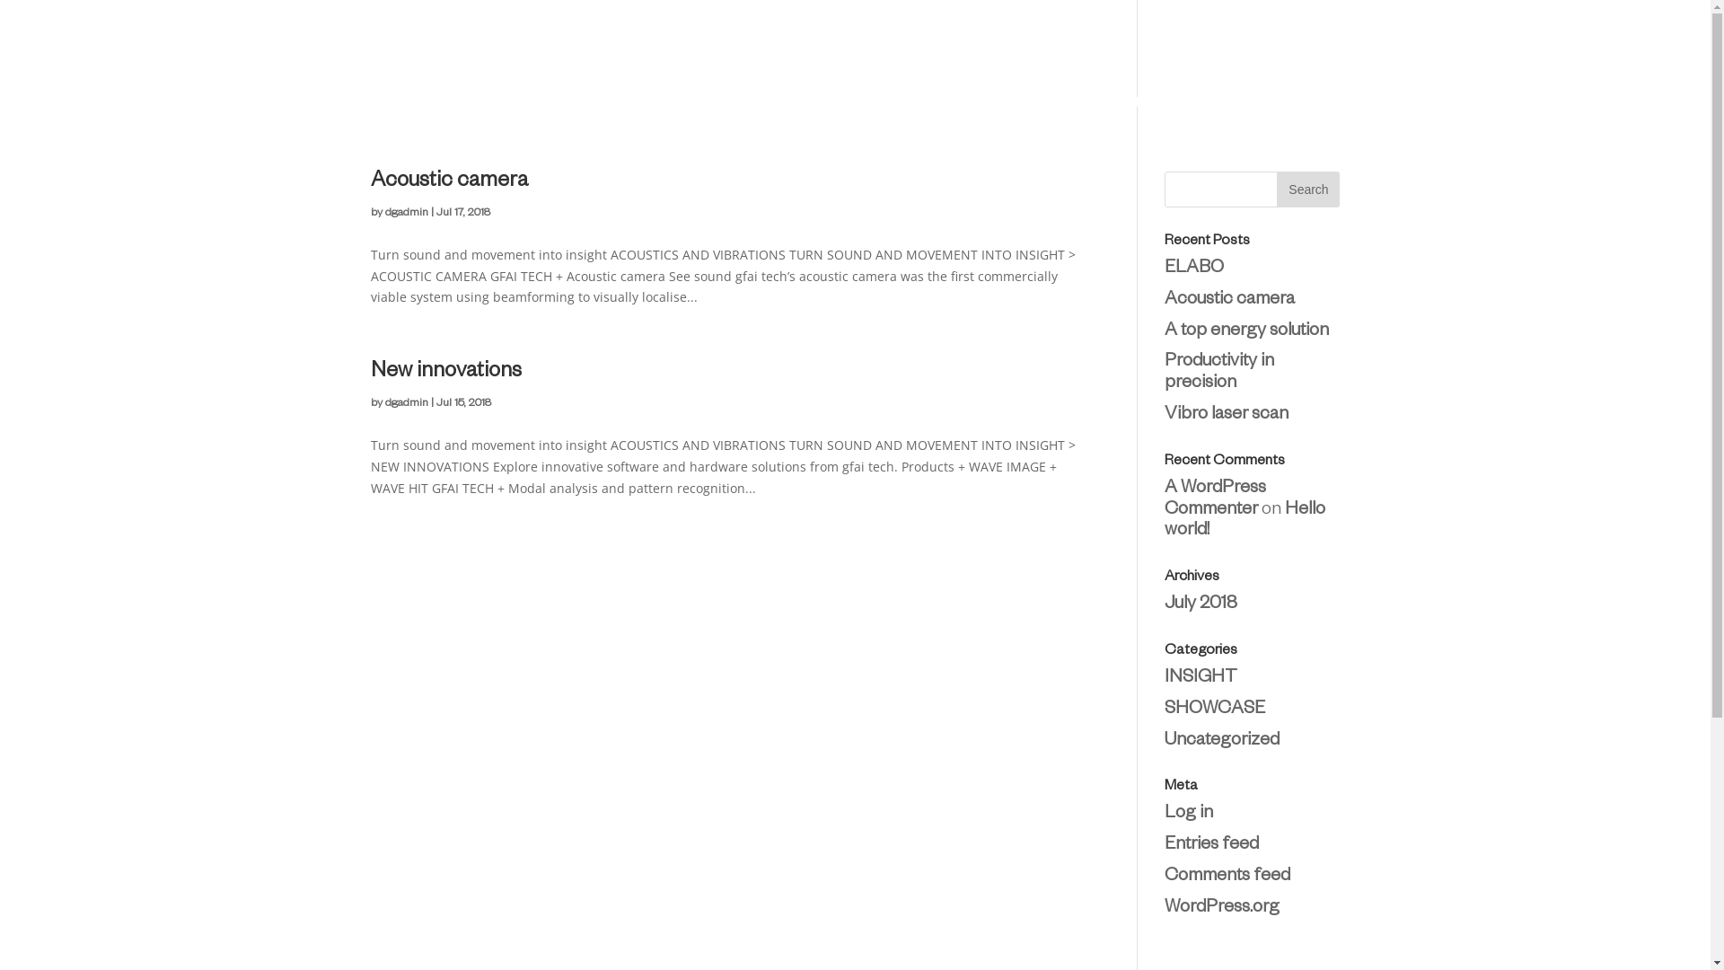  Describe the element at coordinates (1219, 373) in the screenshot. I see `'Productivity in precision'` at that location.